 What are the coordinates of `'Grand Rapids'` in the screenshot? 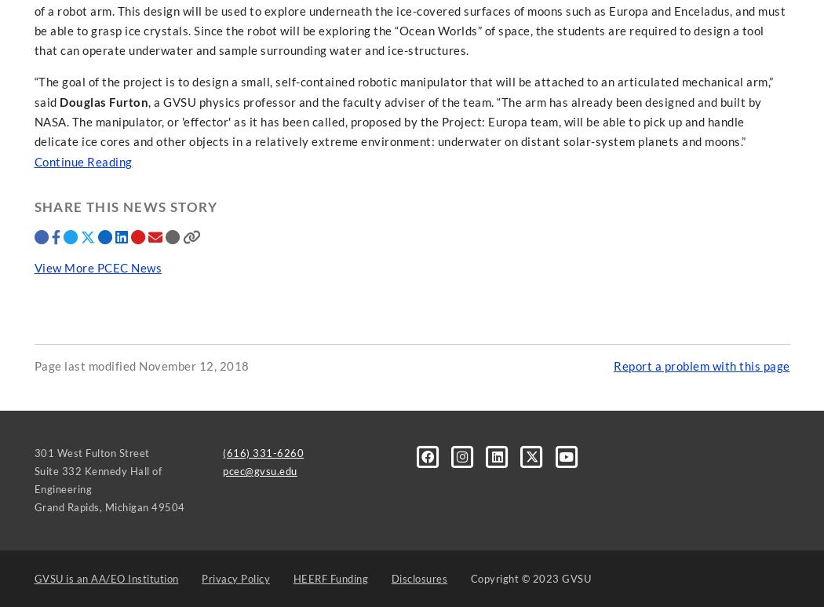 It's located at (66, 506).